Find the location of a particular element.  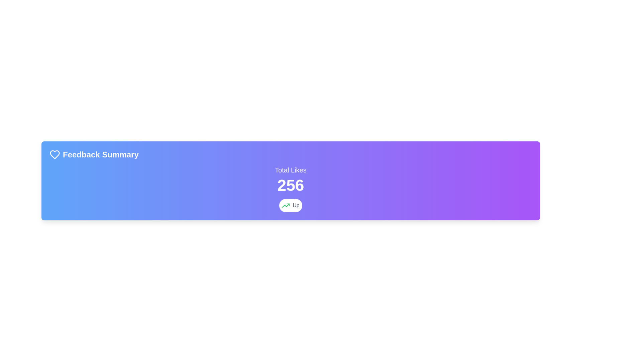

the small upward-trending arrow icon inside the circular white button labeled 'Up' is located at coordinates (286, 205).